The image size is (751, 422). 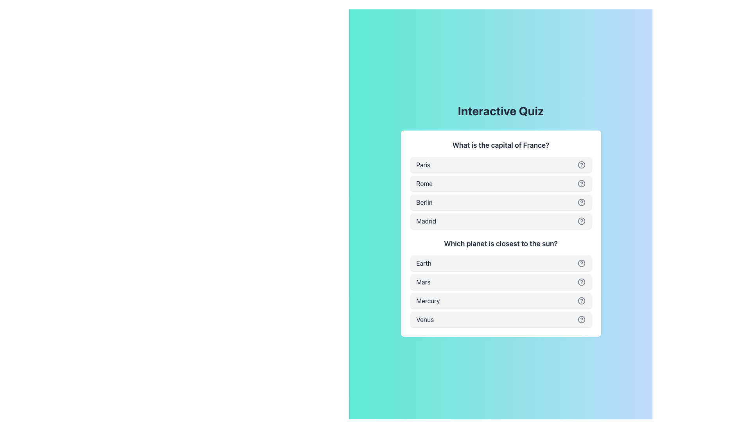 What do you see at coordinates (581, 164) in the screenshot?
I see `the decorative circle icon located to the far right of the 'Paris' answer option block in the quiz interface` at bounding box center [581, 164].